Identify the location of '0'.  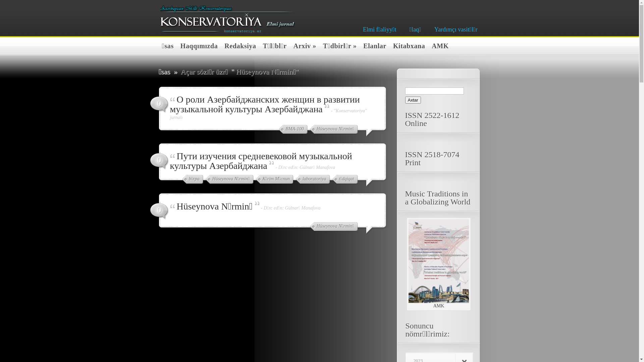
(159, 212).